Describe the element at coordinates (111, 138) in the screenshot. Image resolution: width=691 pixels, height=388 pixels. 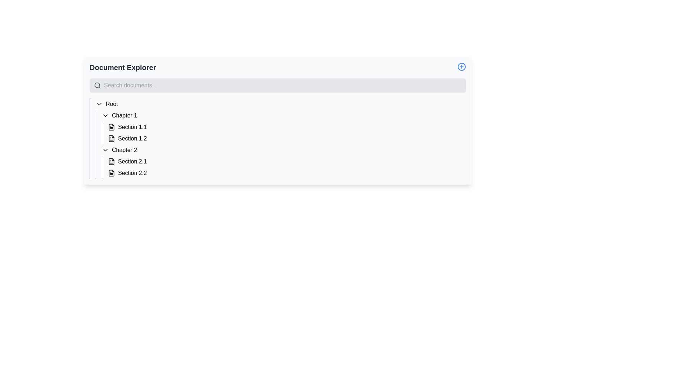
I see `the document icon representing 'Section 1.2' in the document explorer` at that location.